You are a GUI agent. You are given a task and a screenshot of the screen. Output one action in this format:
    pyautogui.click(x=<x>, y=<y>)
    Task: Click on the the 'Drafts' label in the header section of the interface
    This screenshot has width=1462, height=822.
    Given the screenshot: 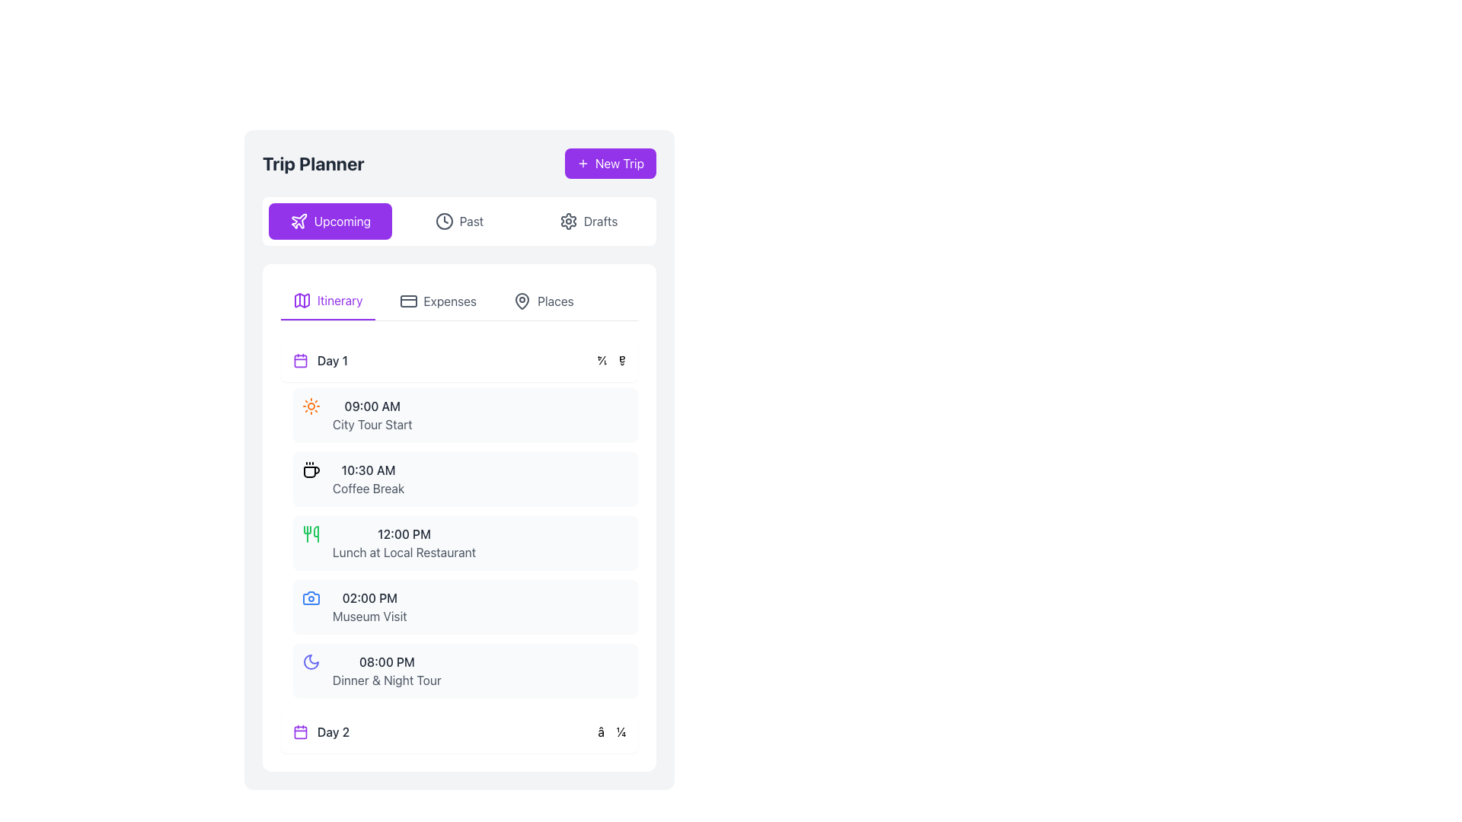 What is the action you would take?
    pyautogui.click(x=600, y=221)
    